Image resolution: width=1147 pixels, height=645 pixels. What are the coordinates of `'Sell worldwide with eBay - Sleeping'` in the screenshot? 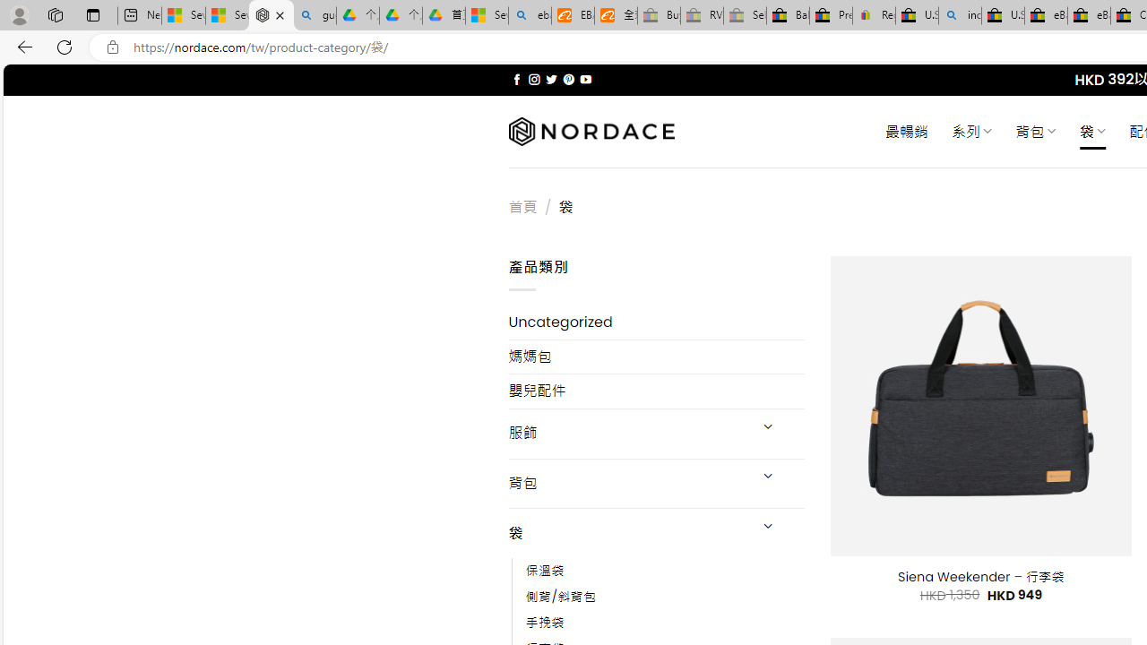 It's located at (745, 15).